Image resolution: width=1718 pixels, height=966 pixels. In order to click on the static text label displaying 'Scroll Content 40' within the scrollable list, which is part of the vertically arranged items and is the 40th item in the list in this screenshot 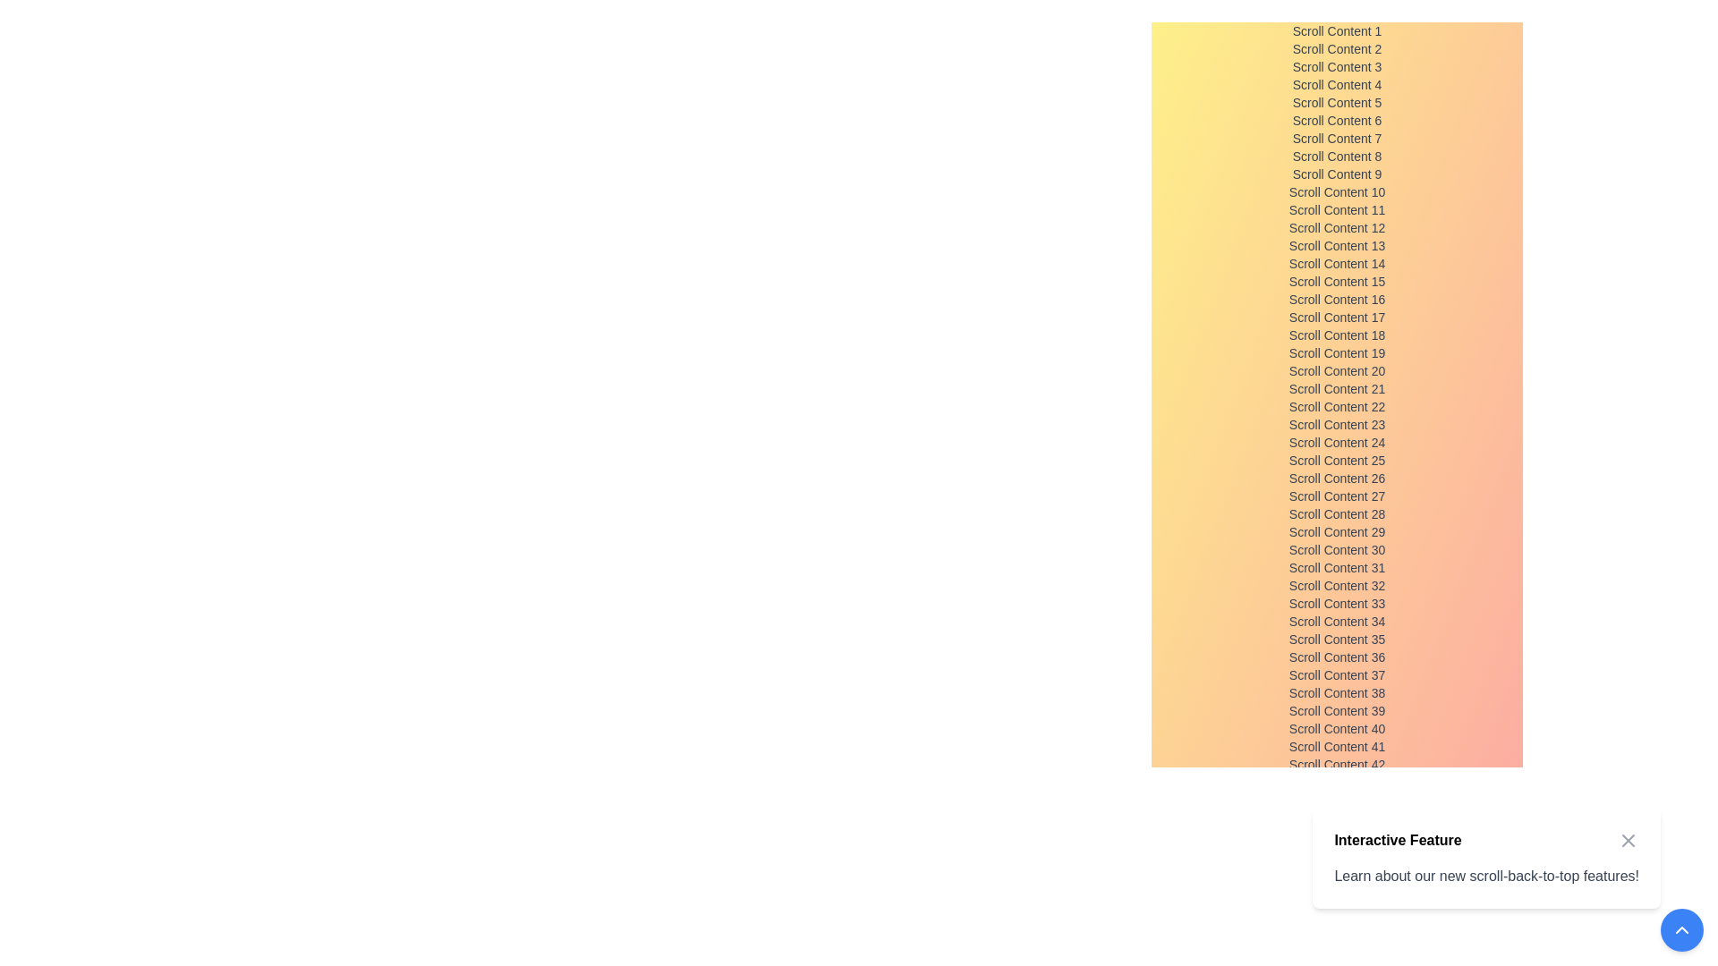, I will do `click(1337, 728)`.